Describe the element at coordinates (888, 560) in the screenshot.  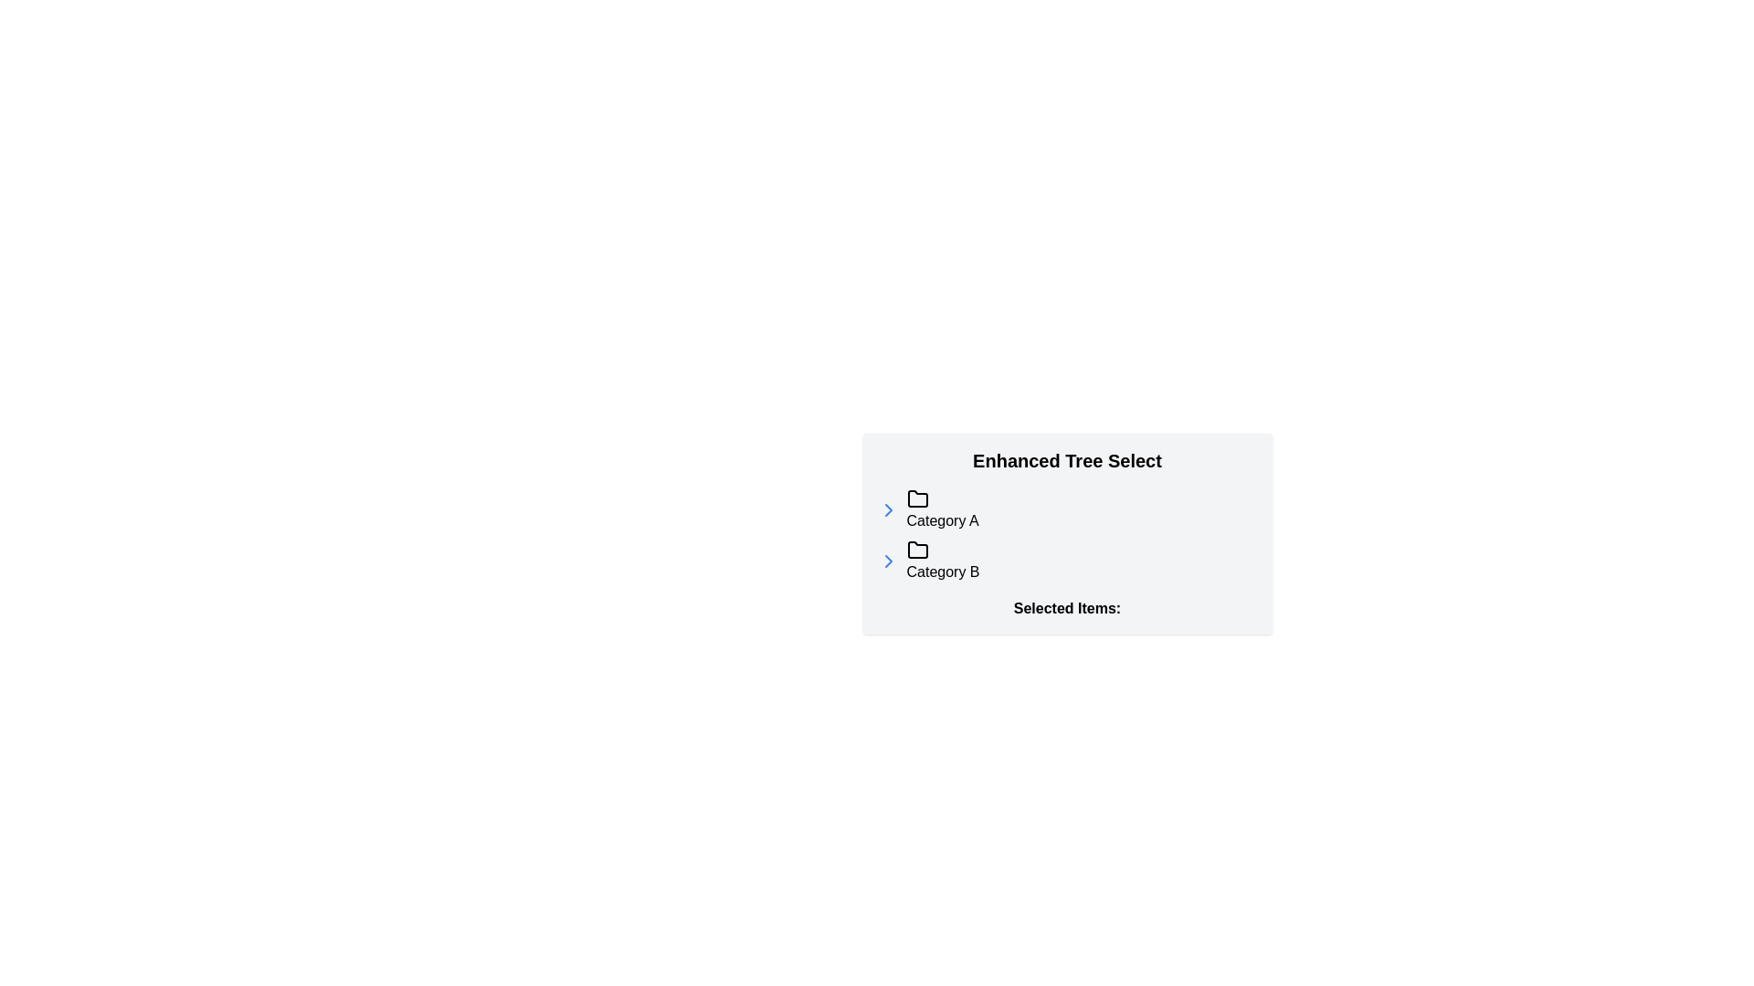
I see `the rightward-facing blue chevron icon button located left of the text 'Category B'` at that location.